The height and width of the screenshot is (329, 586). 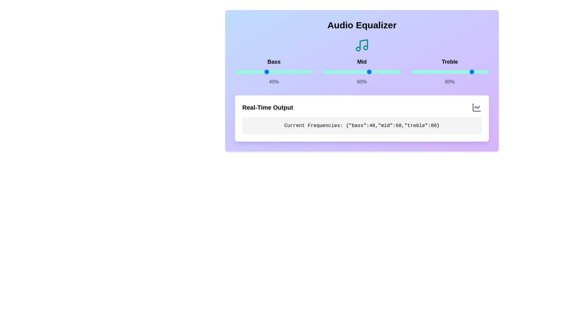 I want to click on the Interactive audio equalizer interface, which features a gradient background, the title 'Audio Equalizer', a music note icon, sliders for 'Bass', 'Mid', and 'Treble', and a 'Real-Time Output' section, so click(x=362, y=80).